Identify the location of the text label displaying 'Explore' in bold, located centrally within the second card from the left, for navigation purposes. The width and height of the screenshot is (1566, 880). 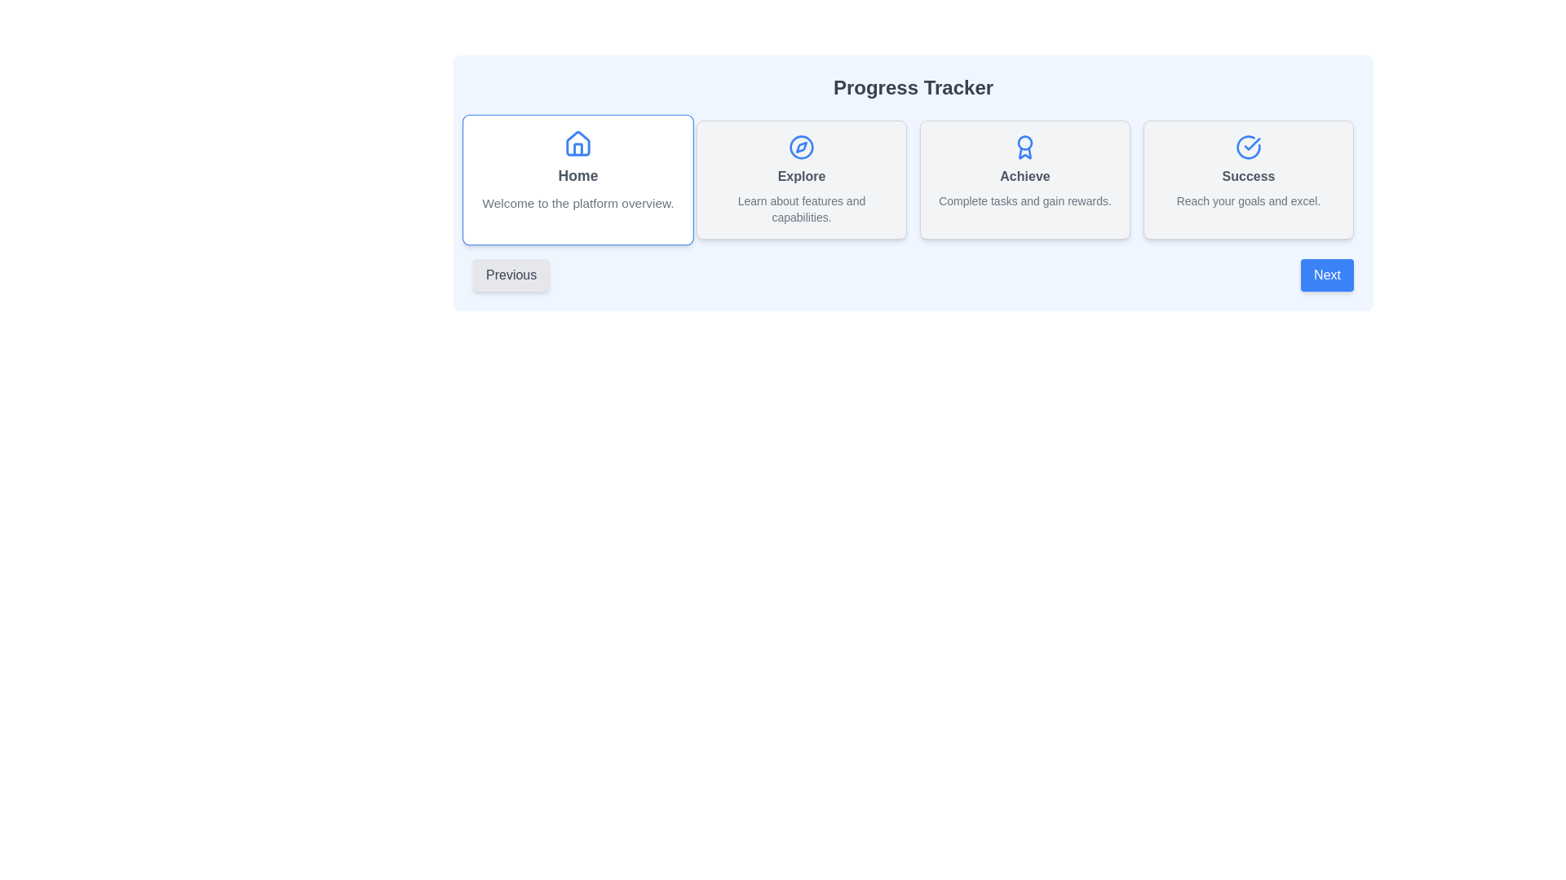
(802, 176).